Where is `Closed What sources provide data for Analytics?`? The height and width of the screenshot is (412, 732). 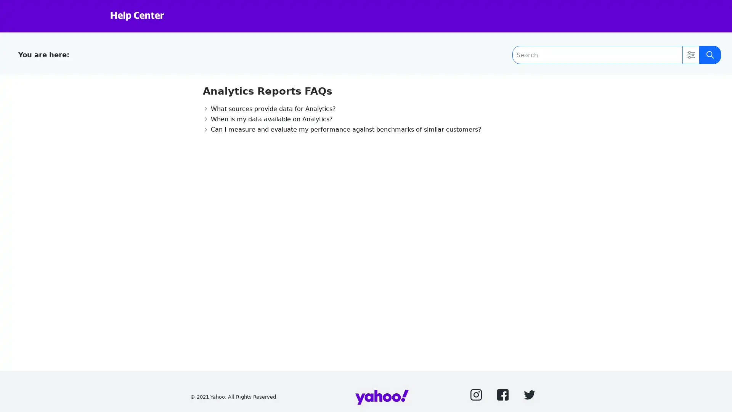 Closed What sources provide data for Analytics? is located at coordinates (269, 108).